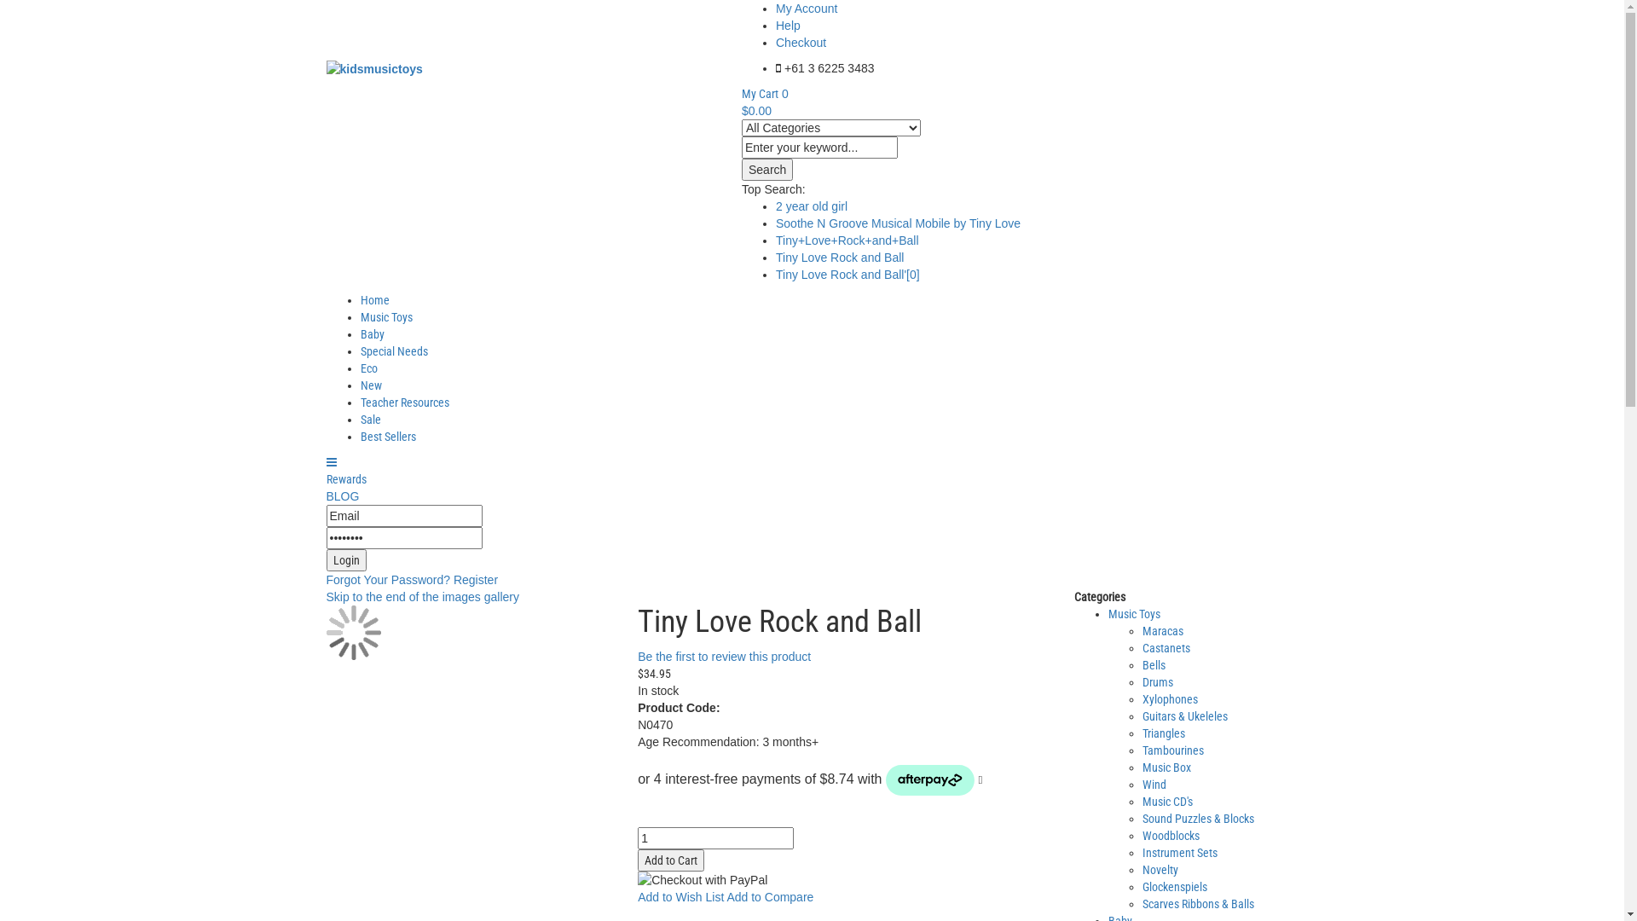 The width and height of the screenshot is (1637, 921). What do you see at coordinates (1154, 663) in the screenshot?
I see `'Bells'` at bounding box center [1154, 663].